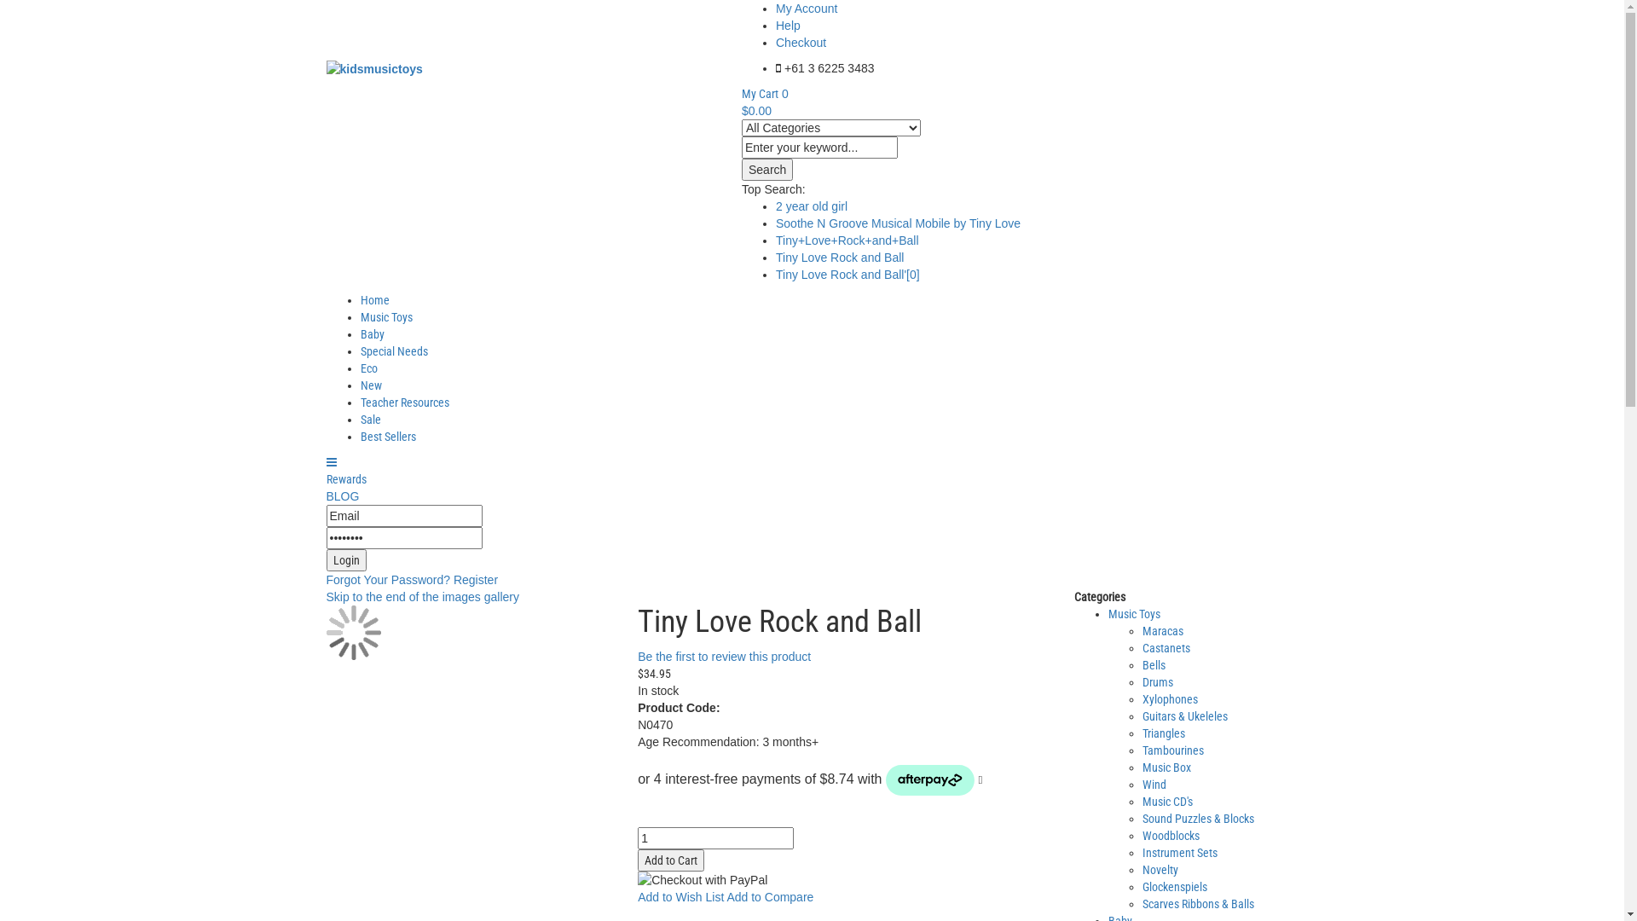 The width and height of the screenshot is (1637, 921). What do you see at coordinates (1154, 663) in the screenshot?
I see `'Bells'` at bounding box center [1154, 663].